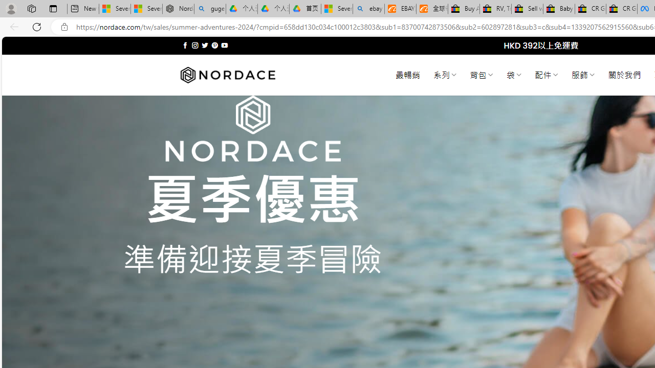 Image resolution: width=655 pixels, height=368 pixels. What do you see at coordinates (558, 9) in the screenshot?
I see `'Baby Keepsakes & Announcements for sale | eBay'` at bounding box center [558, 9].